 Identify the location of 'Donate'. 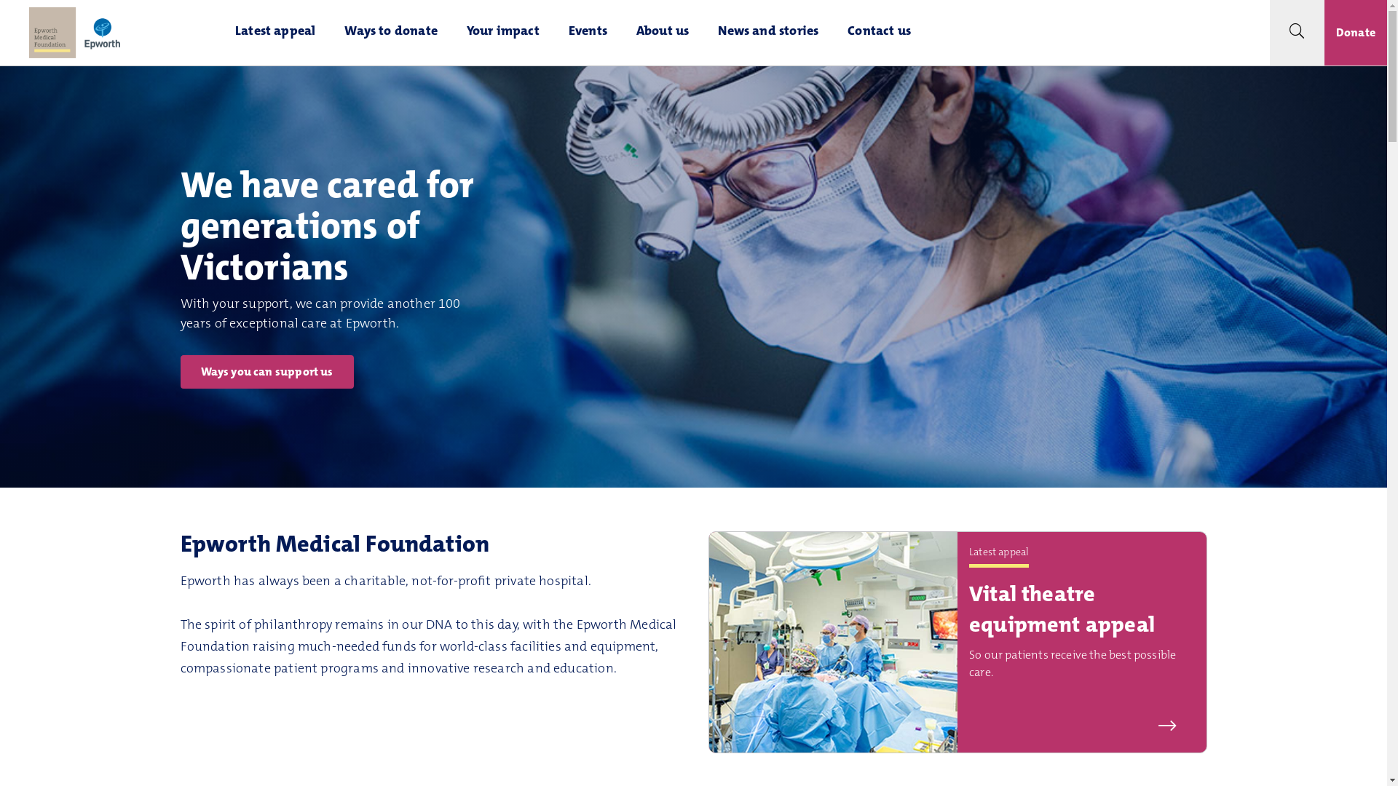
(1355, 33).